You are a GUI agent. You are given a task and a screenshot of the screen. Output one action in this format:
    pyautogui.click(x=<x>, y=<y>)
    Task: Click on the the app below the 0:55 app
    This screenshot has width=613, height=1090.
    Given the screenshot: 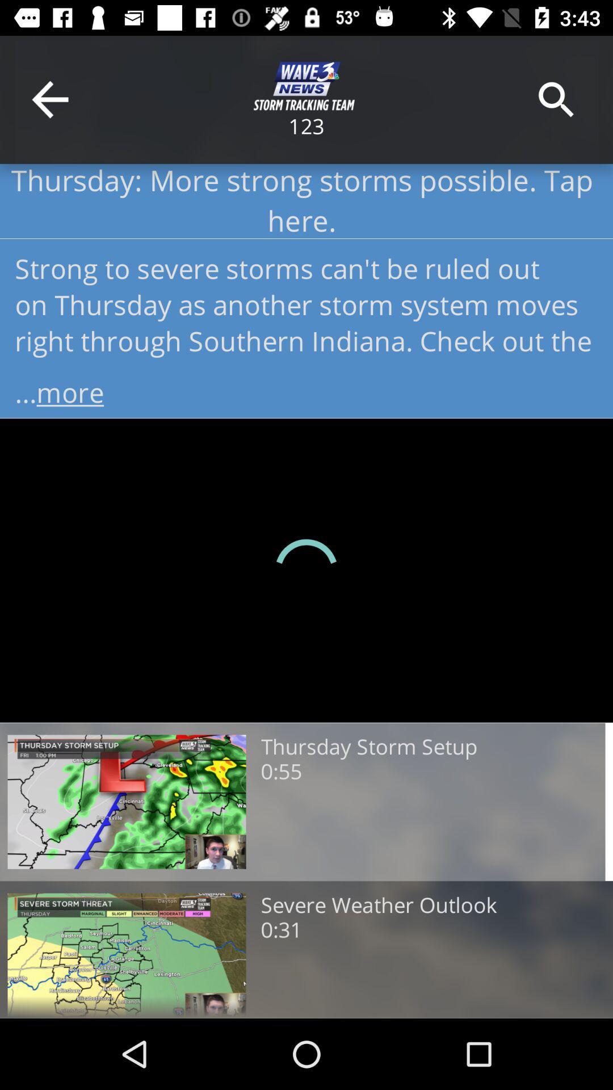 What is the action you would take?
    pyautogui.click(x=379, y=905)
    